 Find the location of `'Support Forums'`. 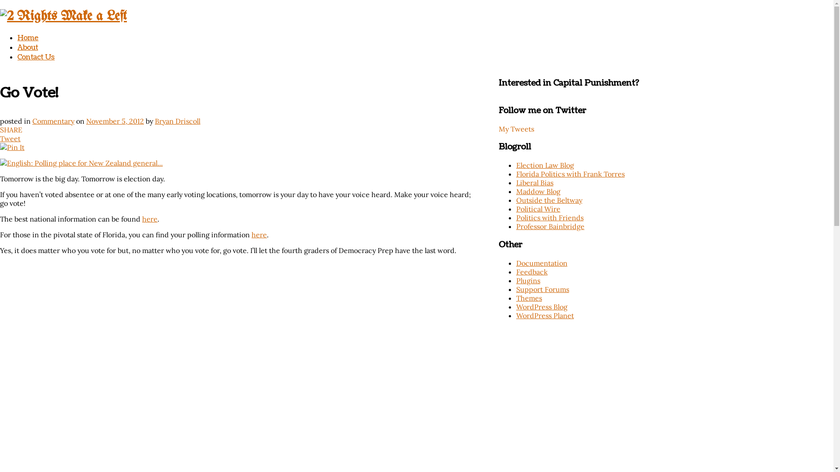

'Support Forums' is located at coordinates (542, 289).